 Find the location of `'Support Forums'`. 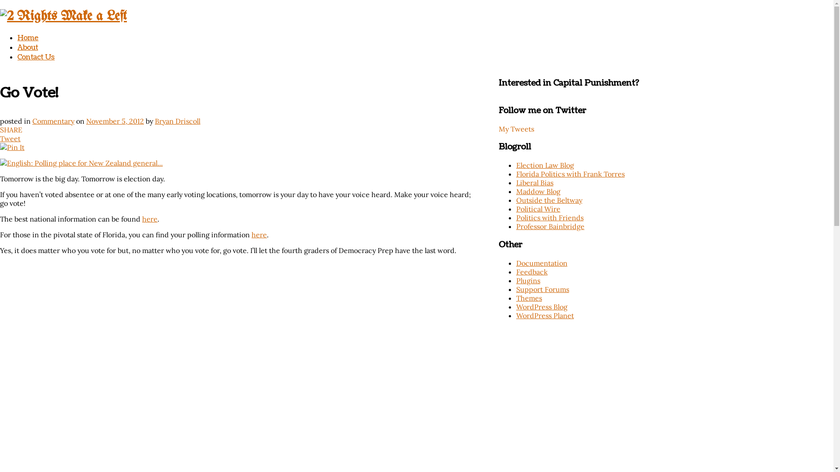

'Support Forums' is located at coordinates (542, 289).